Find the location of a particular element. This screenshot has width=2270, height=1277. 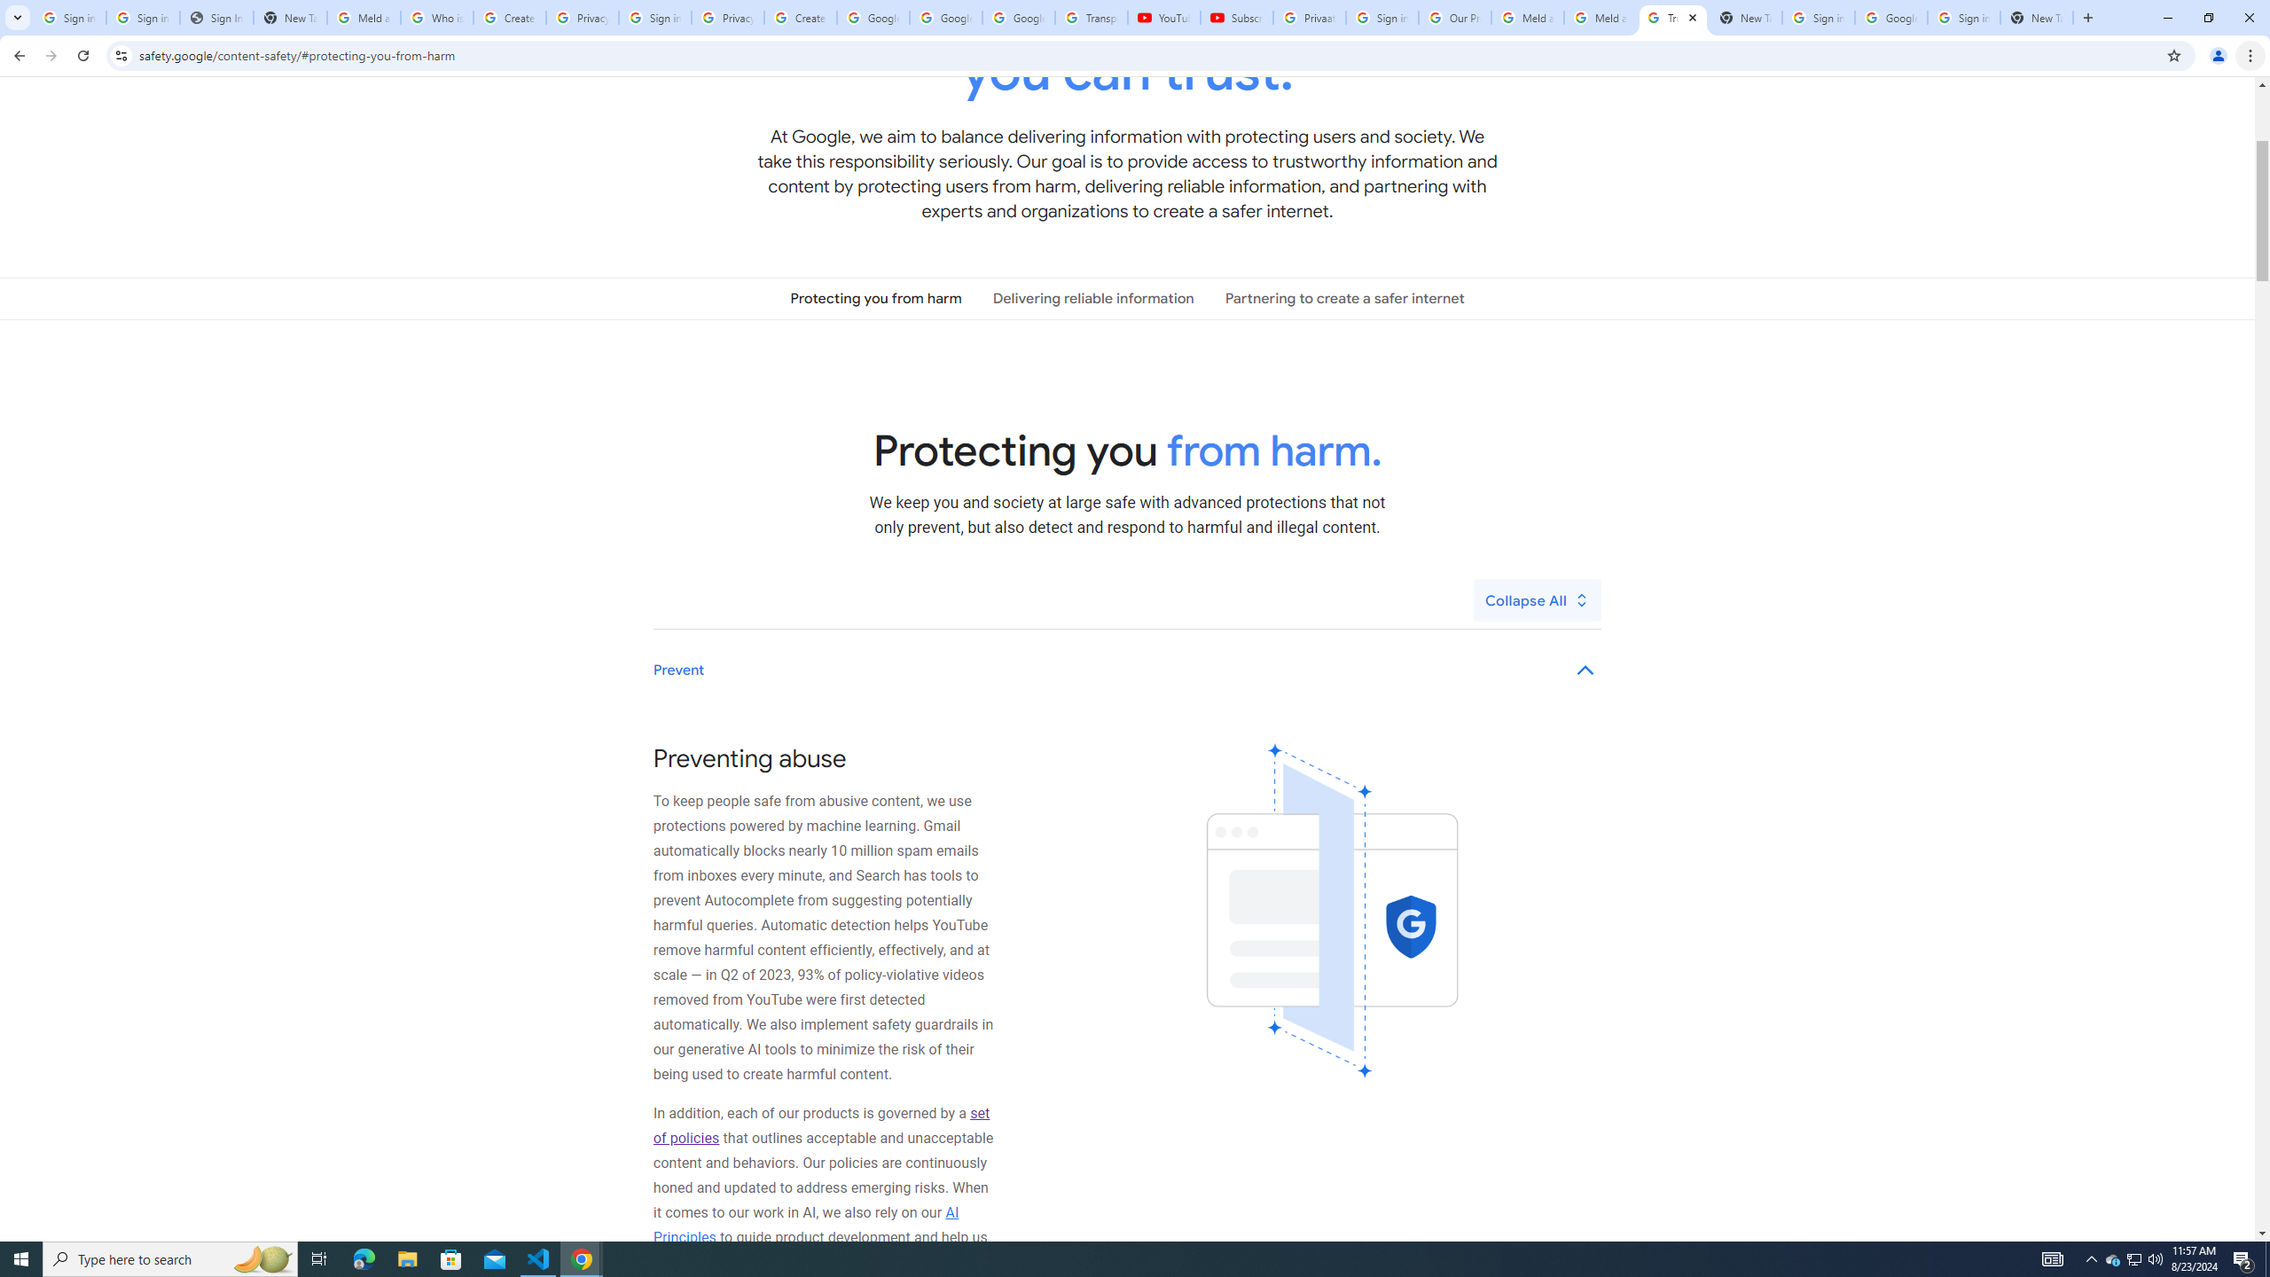

'AI Principles' is located at coordinates (806, 1224).